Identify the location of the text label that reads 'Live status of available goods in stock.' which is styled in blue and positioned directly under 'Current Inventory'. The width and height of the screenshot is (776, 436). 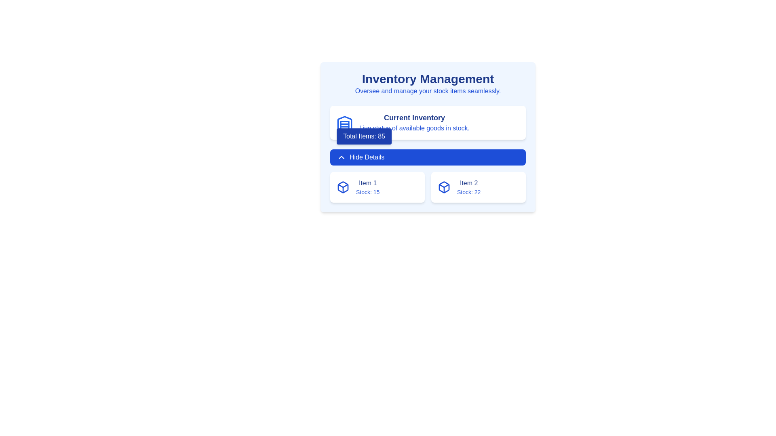
(414, 128).